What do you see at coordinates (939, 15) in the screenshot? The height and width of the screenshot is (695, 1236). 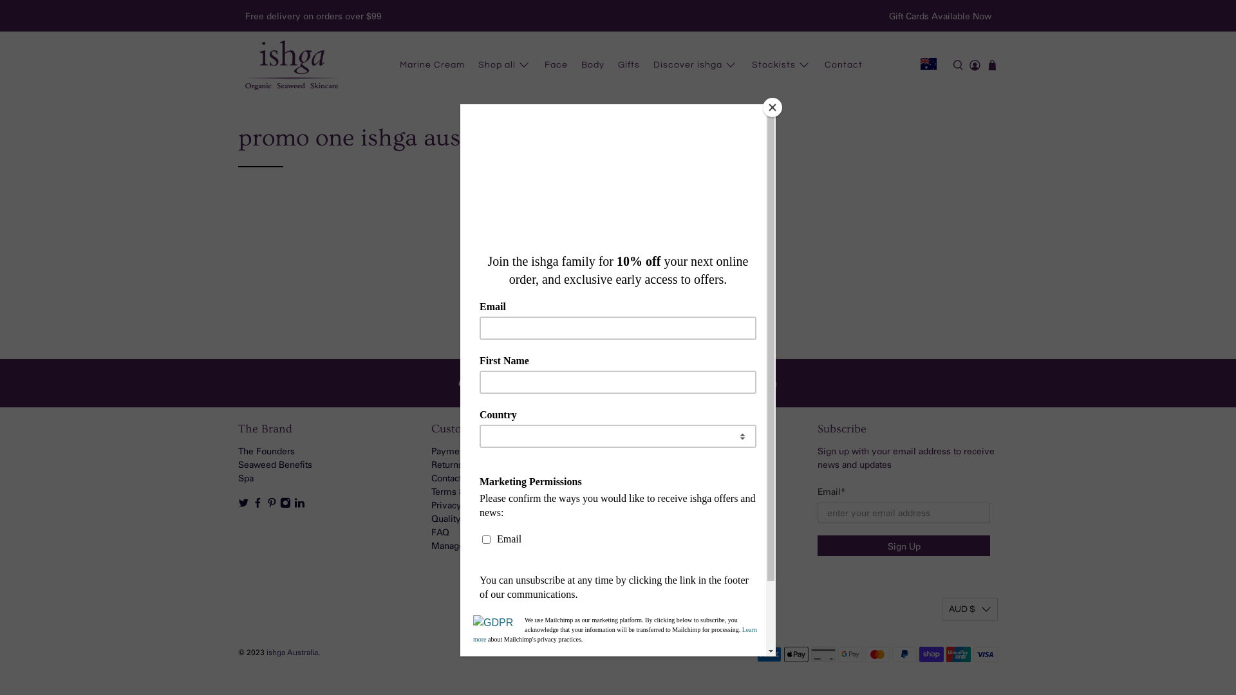 I see `'Gift Cards Available Now'` at bounding box center [939, 15].